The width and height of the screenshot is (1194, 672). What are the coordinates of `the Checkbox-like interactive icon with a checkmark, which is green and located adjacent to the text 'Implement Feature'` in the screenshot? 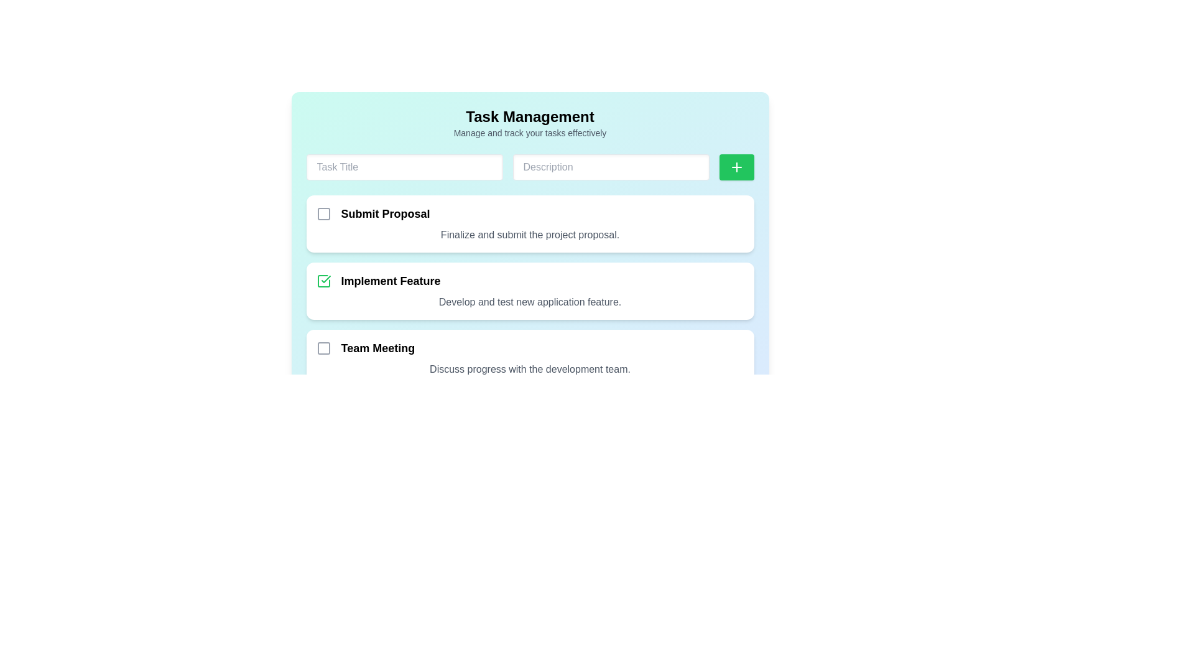 It's located at (323, 281).